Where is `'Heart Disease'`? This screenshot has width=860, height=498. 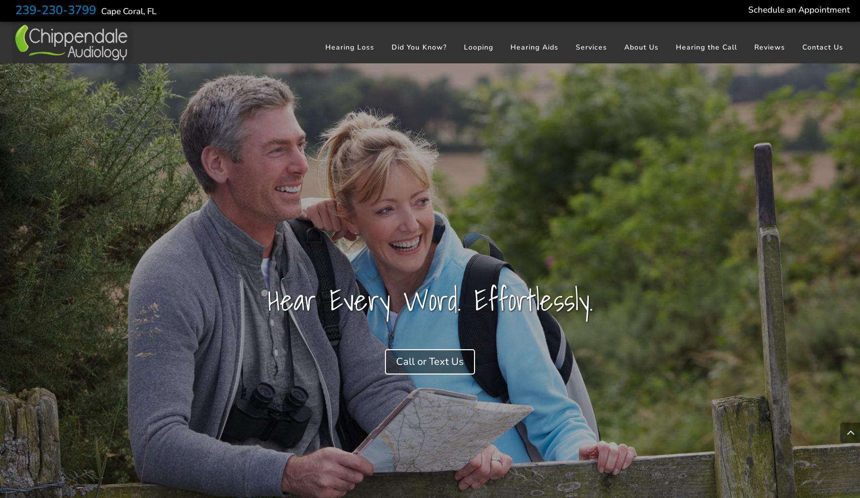 'Heart Disease' is located at coordinates (419, 188).